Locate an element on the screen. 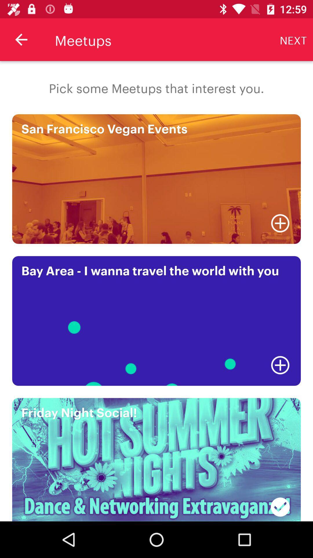 Image resolution: width=313 pixels, height=558 pixels. the image which is san francisco vegan events on the page is located at coordinates (156, 178).